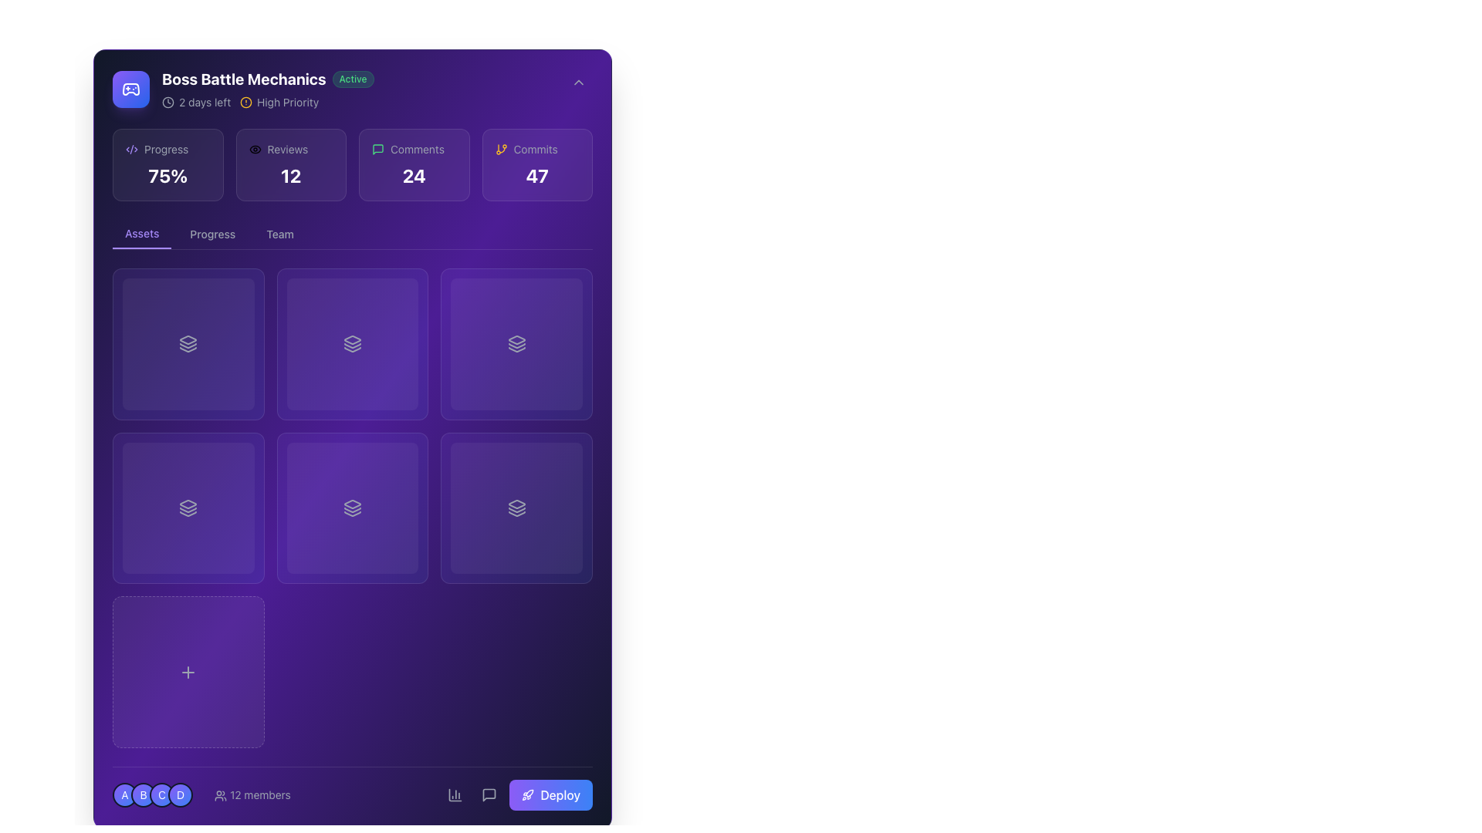  What do you see at coordinates (352, 79) in the screenshot?
I see `the label displaying 'Active', which is styled with green text and a slightly transparent green background, located adjacent to the right of 'Boss Battle Mechanics'` at bounding box center [352, 79].